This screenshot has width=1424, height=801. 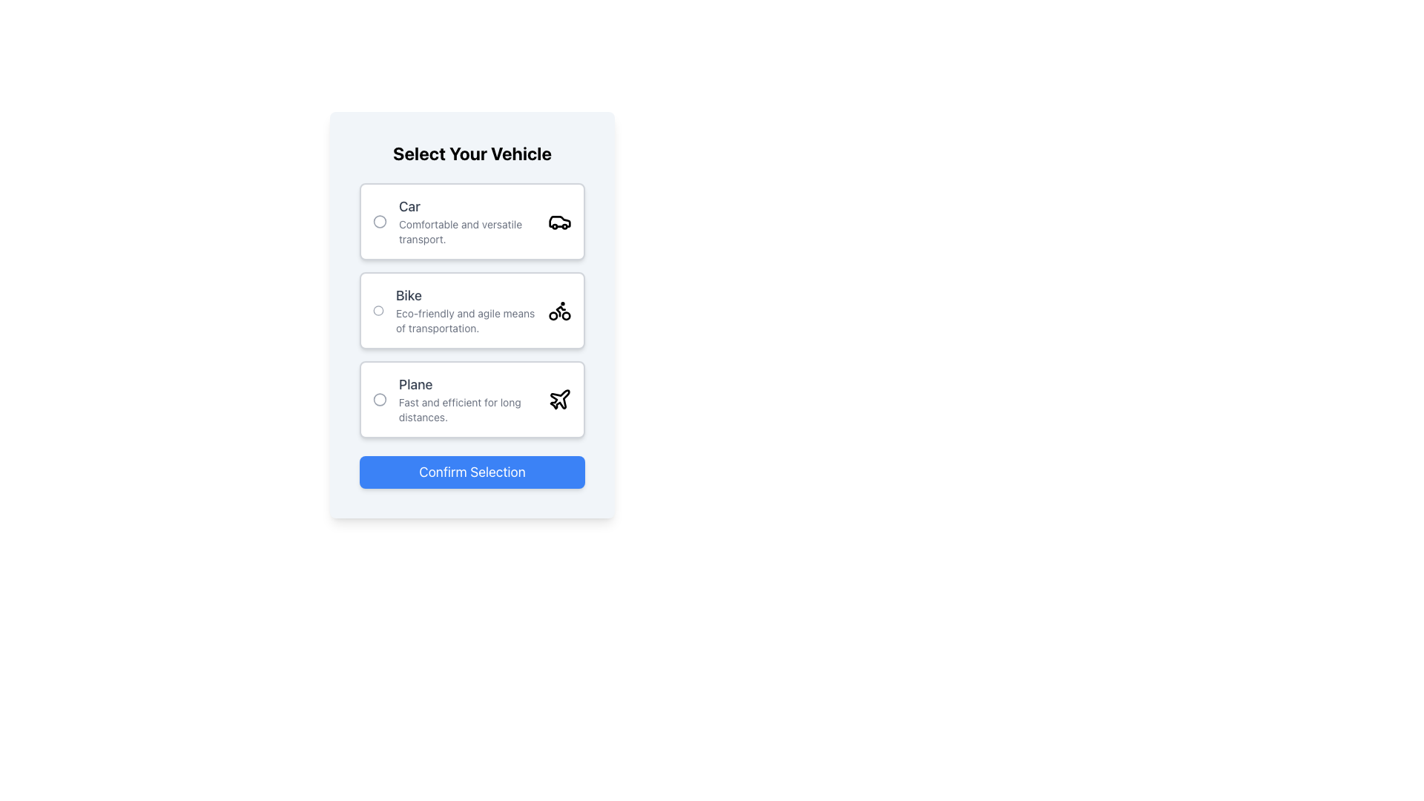 What do you see at coordinates (553, 315) in the screenshot?
I see `the rear wheel icon of the bike located in the second card of the vertical selection list` at bounding box center [553, 315].